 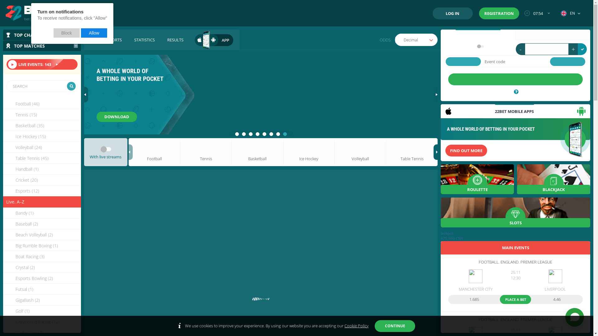 What do you see at coordinates (41, 190) in the screenshot?
I see `'Esports` at bounding box center [41, 190].